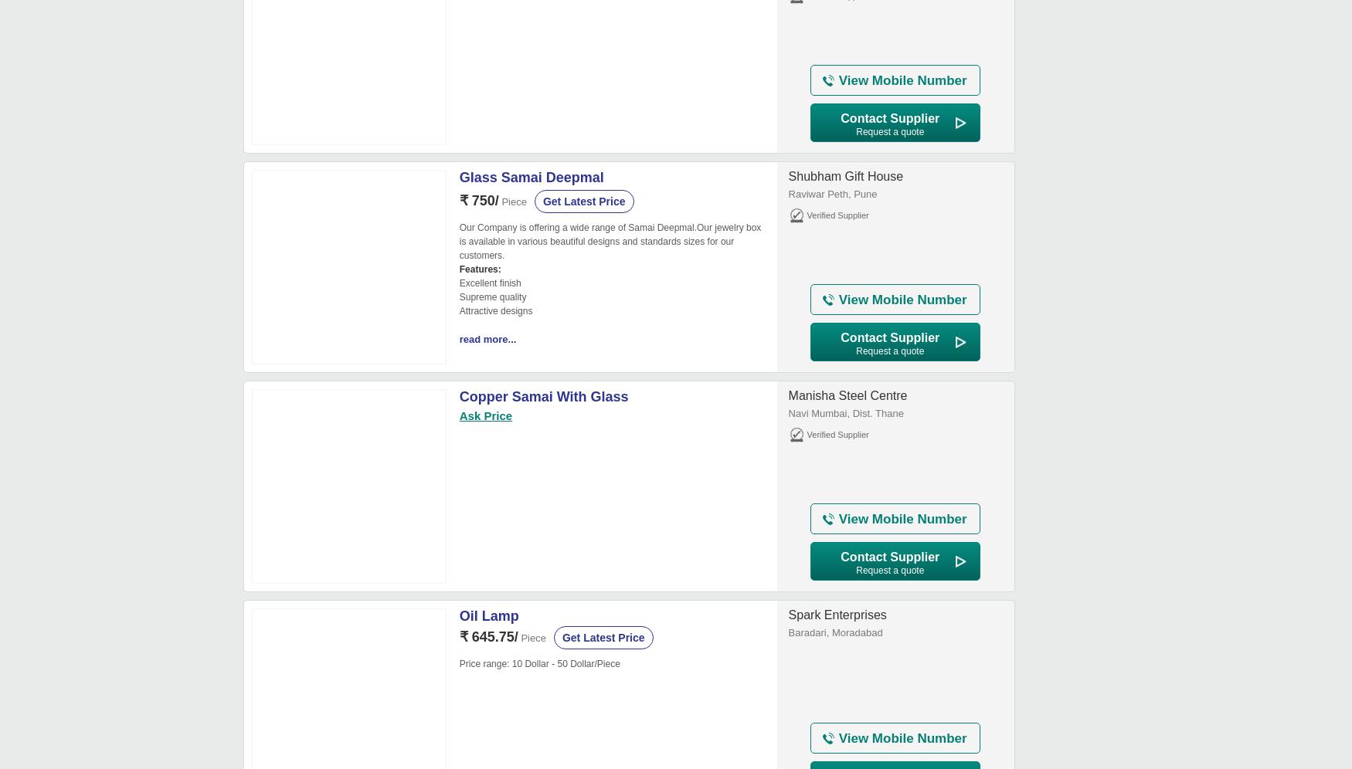  What do you see at coordinates (487, 615) in the screenshot?
I see `'Oil Lamp'` at bounding box center [487, 615].